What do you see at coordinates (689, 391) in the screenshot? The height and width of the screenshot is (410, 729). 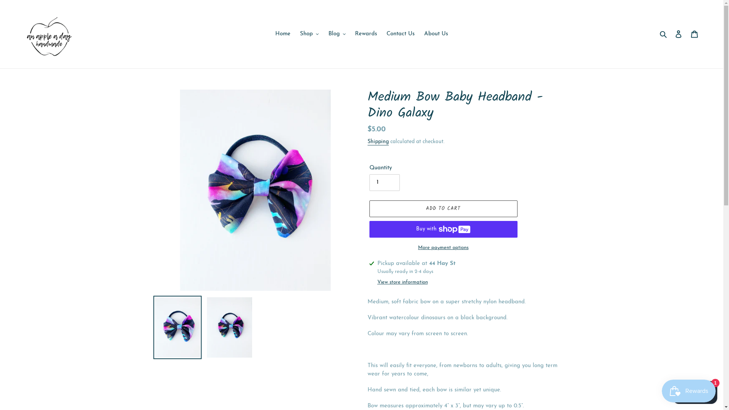 I see `'Smile.io Rewards Program Launcher'` at bounding box center [689, 391].